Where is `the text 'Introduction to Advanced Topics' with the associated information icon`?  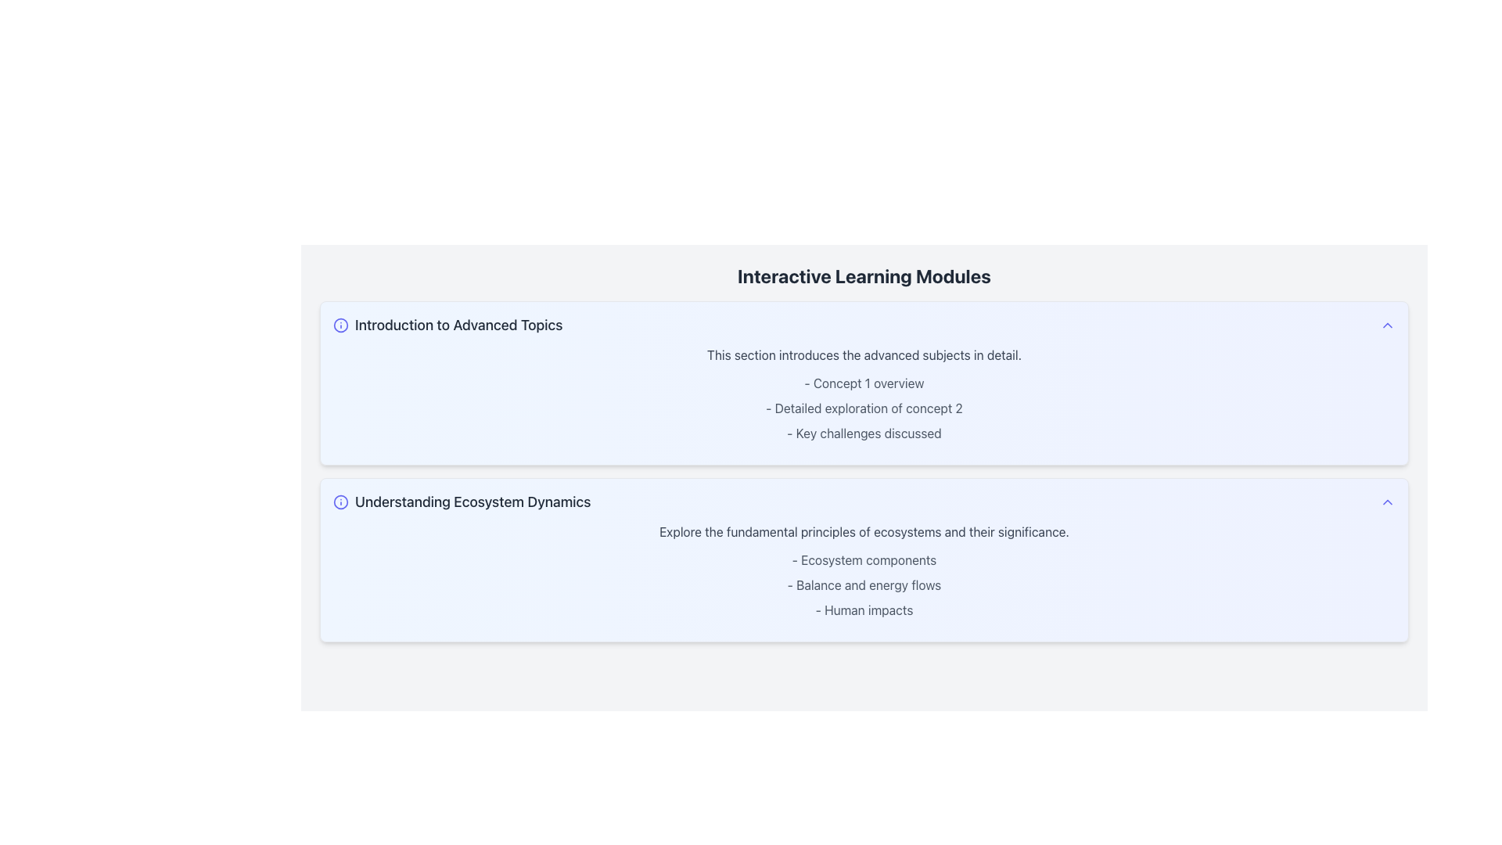 the text 'Introduction to Advanced Topics' with the associated information icon is located at coordinates (447, 325).